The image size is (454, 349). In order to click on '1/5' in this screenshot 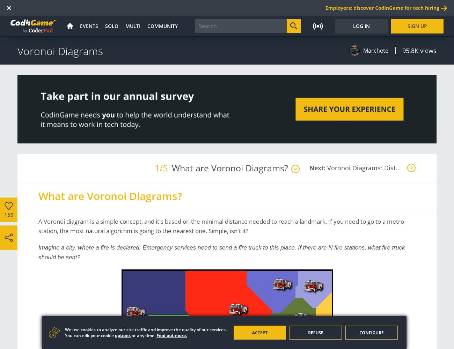, I will do `click(160, 168)`.